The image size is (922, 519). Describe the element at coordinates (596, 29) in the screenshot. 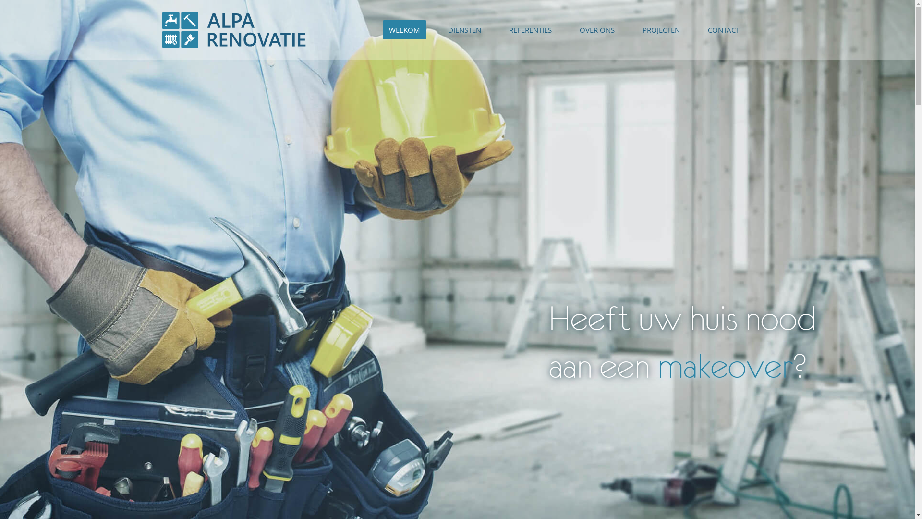

I see `'OVER ONS'` at that location.